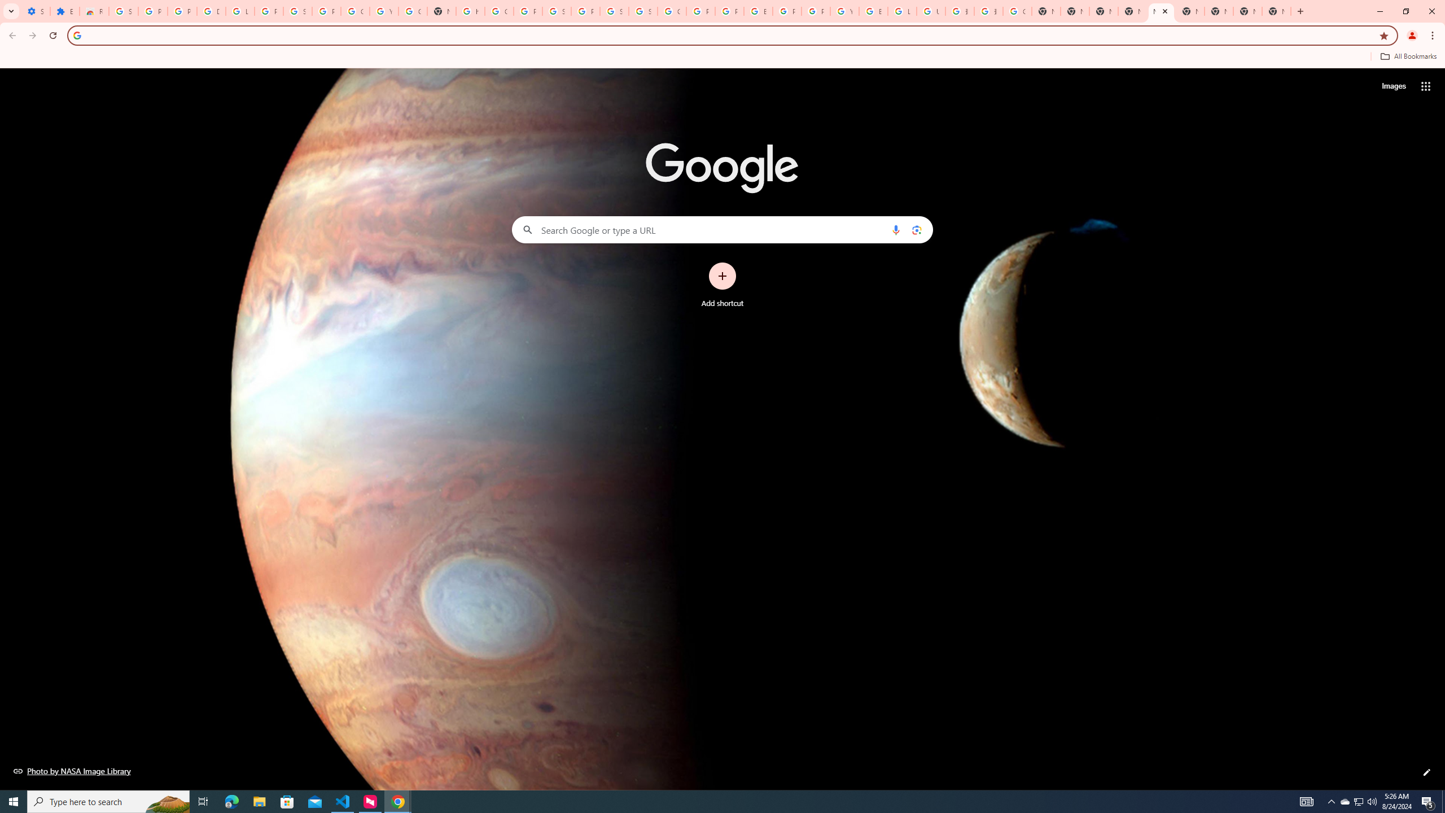 The width and height of the screenshot is (1445, 813). What do you see at coordinates (722, 229) in the screenshot?
I see `'Search Google or type a URL'` at bounding box center [722, 229].